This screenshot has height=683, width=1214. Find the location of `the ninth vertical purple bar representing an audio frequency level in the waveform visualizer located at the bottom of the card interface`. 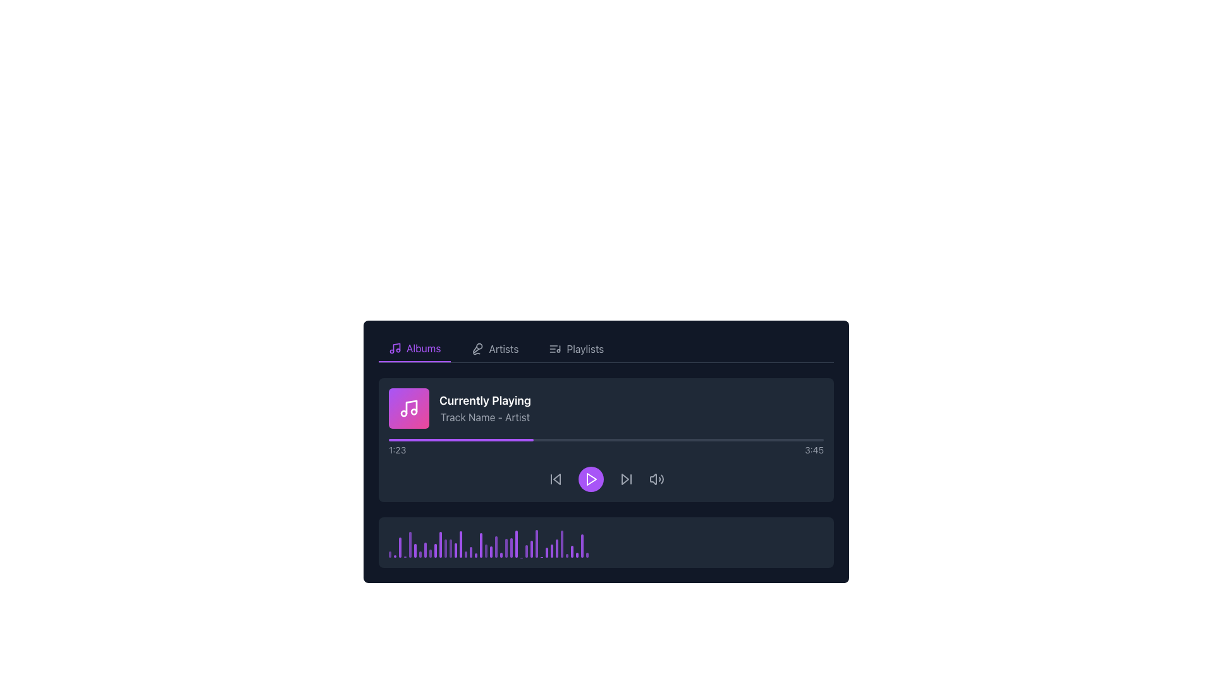

the ninth vertical purple bar representing an audio frequency level in the waveform visualizer located at the bottom of the card interface is located at coordinates (431, 553).